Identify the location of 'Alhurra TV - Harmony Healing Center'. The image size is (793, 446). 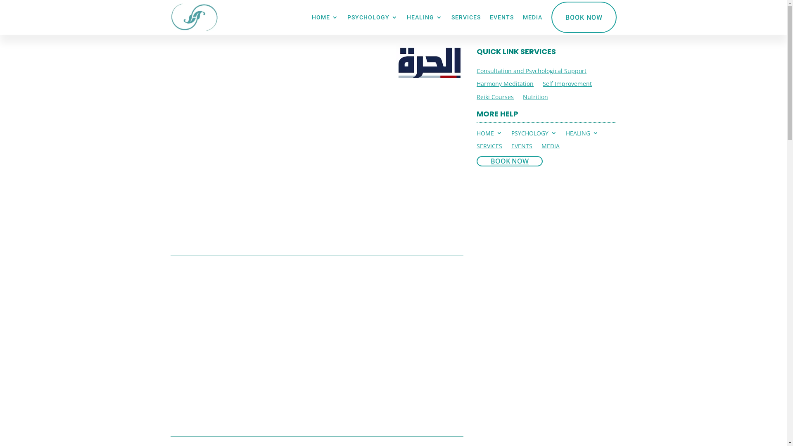
(430, 61).